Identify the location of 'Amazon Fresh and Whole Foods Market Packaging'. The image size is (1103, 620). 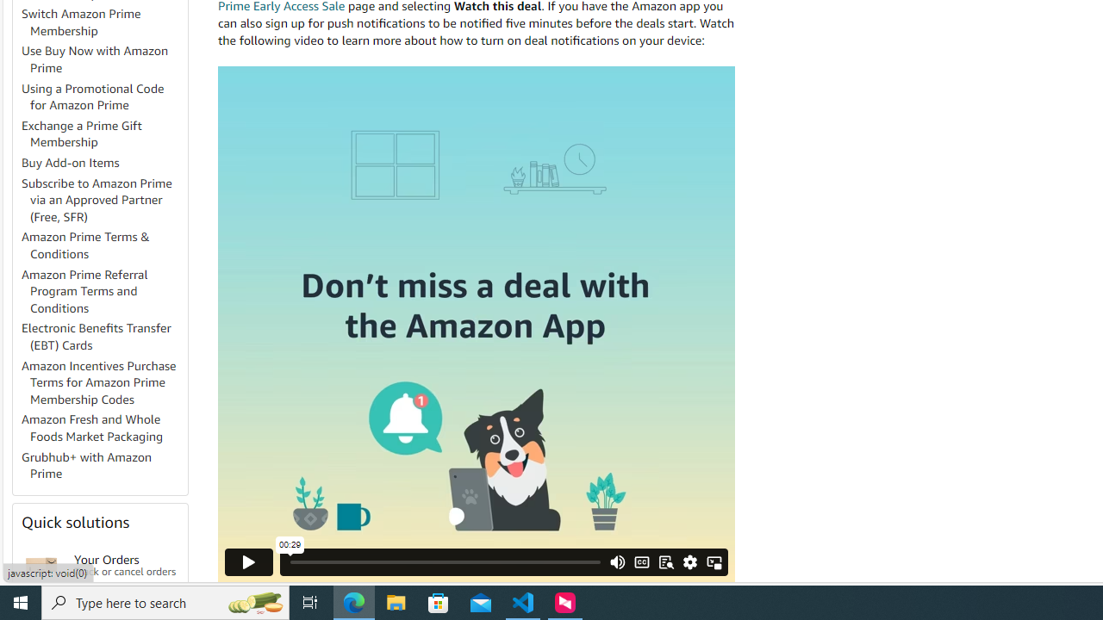
(91, 427).